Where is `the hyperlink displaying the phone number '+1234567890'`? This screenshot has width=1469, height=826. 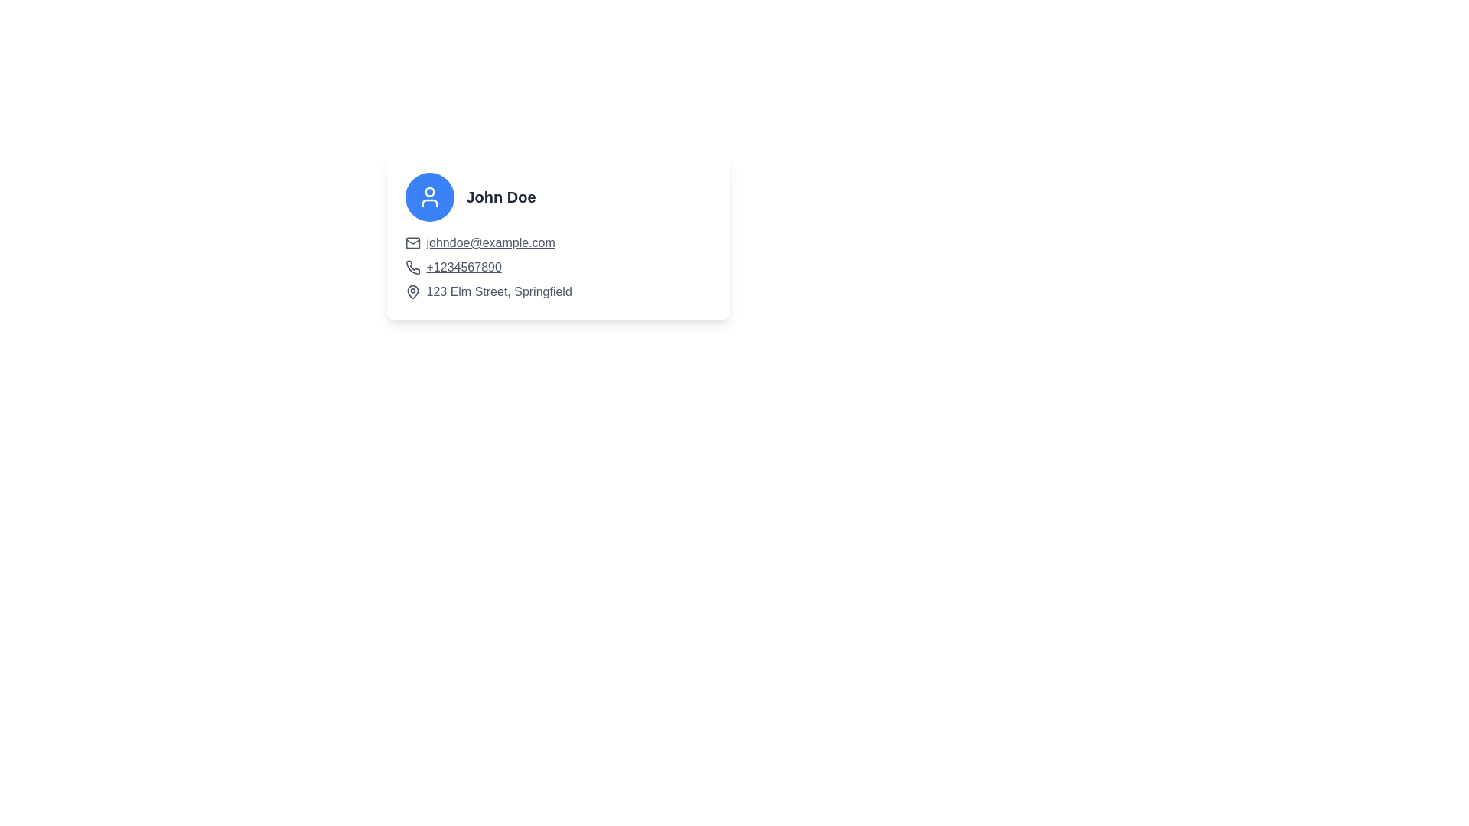 the hyperlink displaying the phone number '+1234567890' is located at coordinates (463, 267).